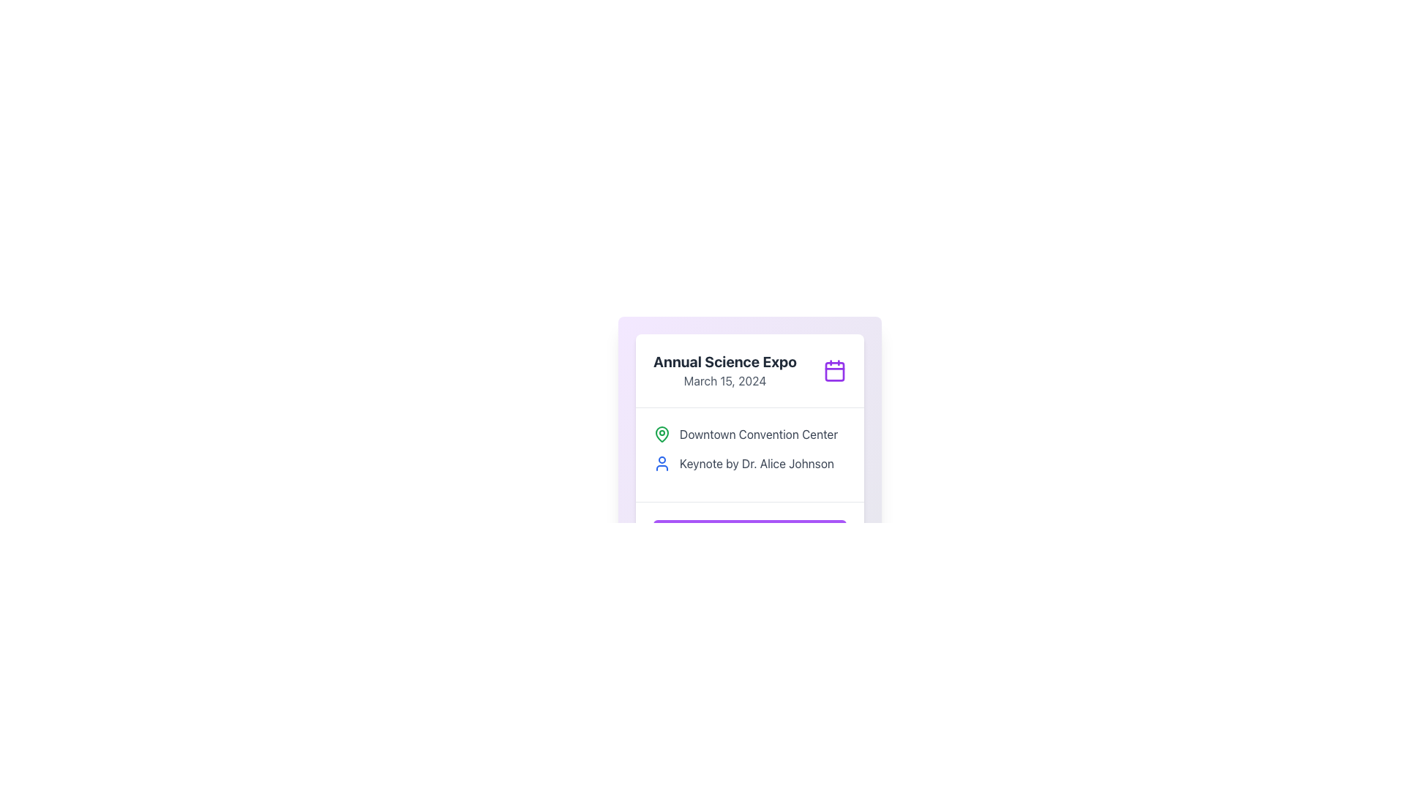  What do you see at coordinates (757, 463) in the screenshot?
I see `the text label 'Keynote by Dr. Alice Johnson'` at bounding box center [757, 463].